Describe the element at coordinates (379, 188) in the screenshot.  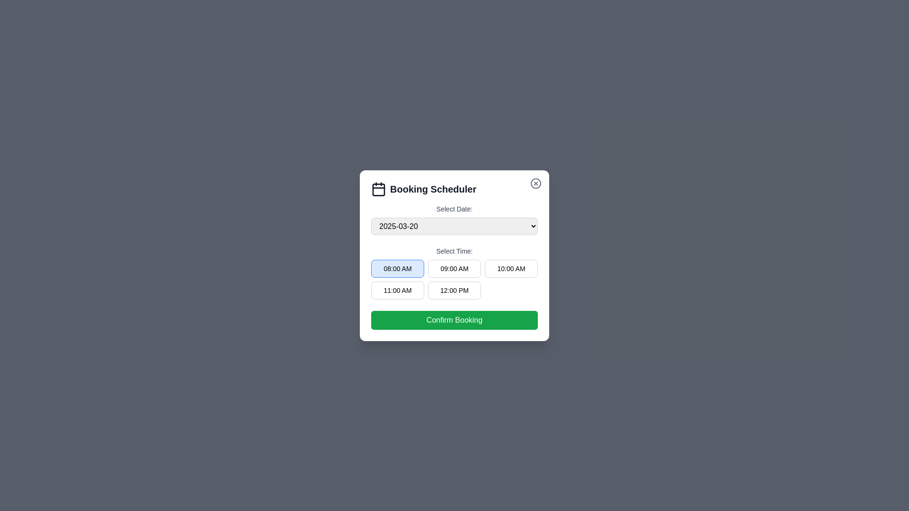
I see `the calendar icon located at the top-left corner of the modal, directly to the left of the 'Booking Scheduler' title text` at that location.